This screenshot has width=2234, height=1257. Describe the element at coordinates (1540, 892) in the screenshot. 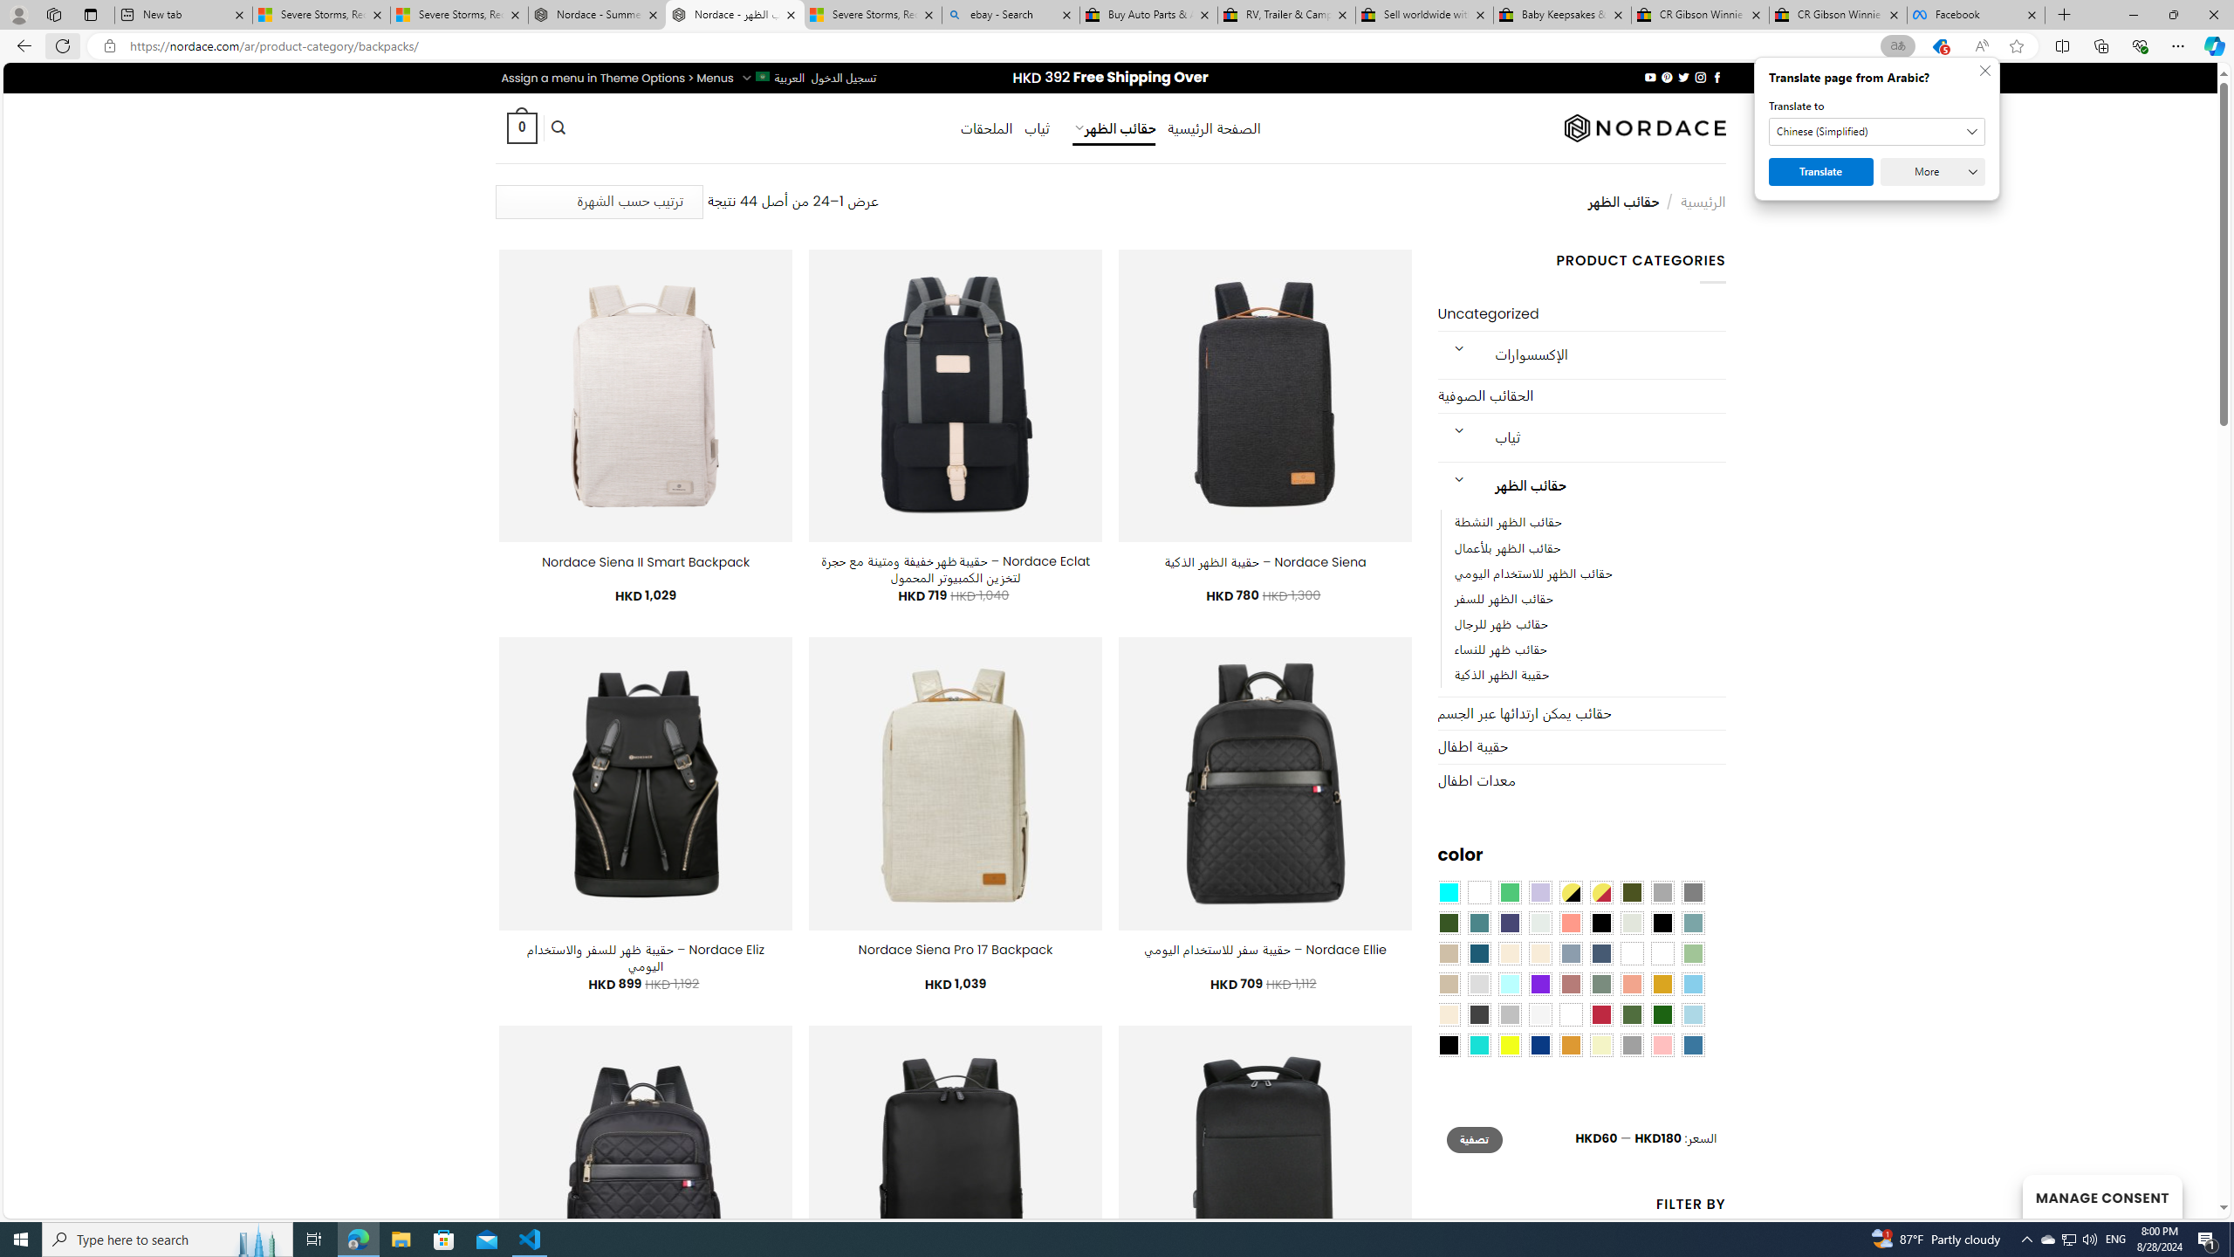

I see `'Light Purple'` at that location.